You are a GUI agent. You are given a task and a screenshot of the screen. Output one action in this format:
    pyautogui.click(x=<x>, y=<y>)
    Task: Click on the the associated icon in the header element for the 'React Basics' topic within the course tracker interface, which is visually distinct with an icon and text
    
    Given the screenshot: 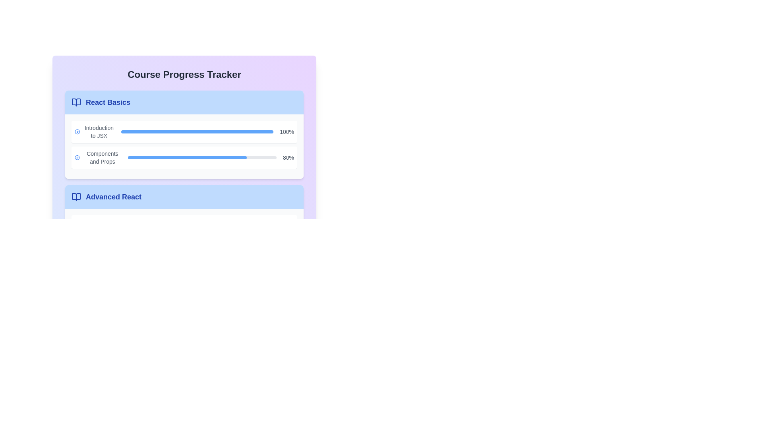 What is the action you would take?
    pyautogui.click(x=184, y=102)
    